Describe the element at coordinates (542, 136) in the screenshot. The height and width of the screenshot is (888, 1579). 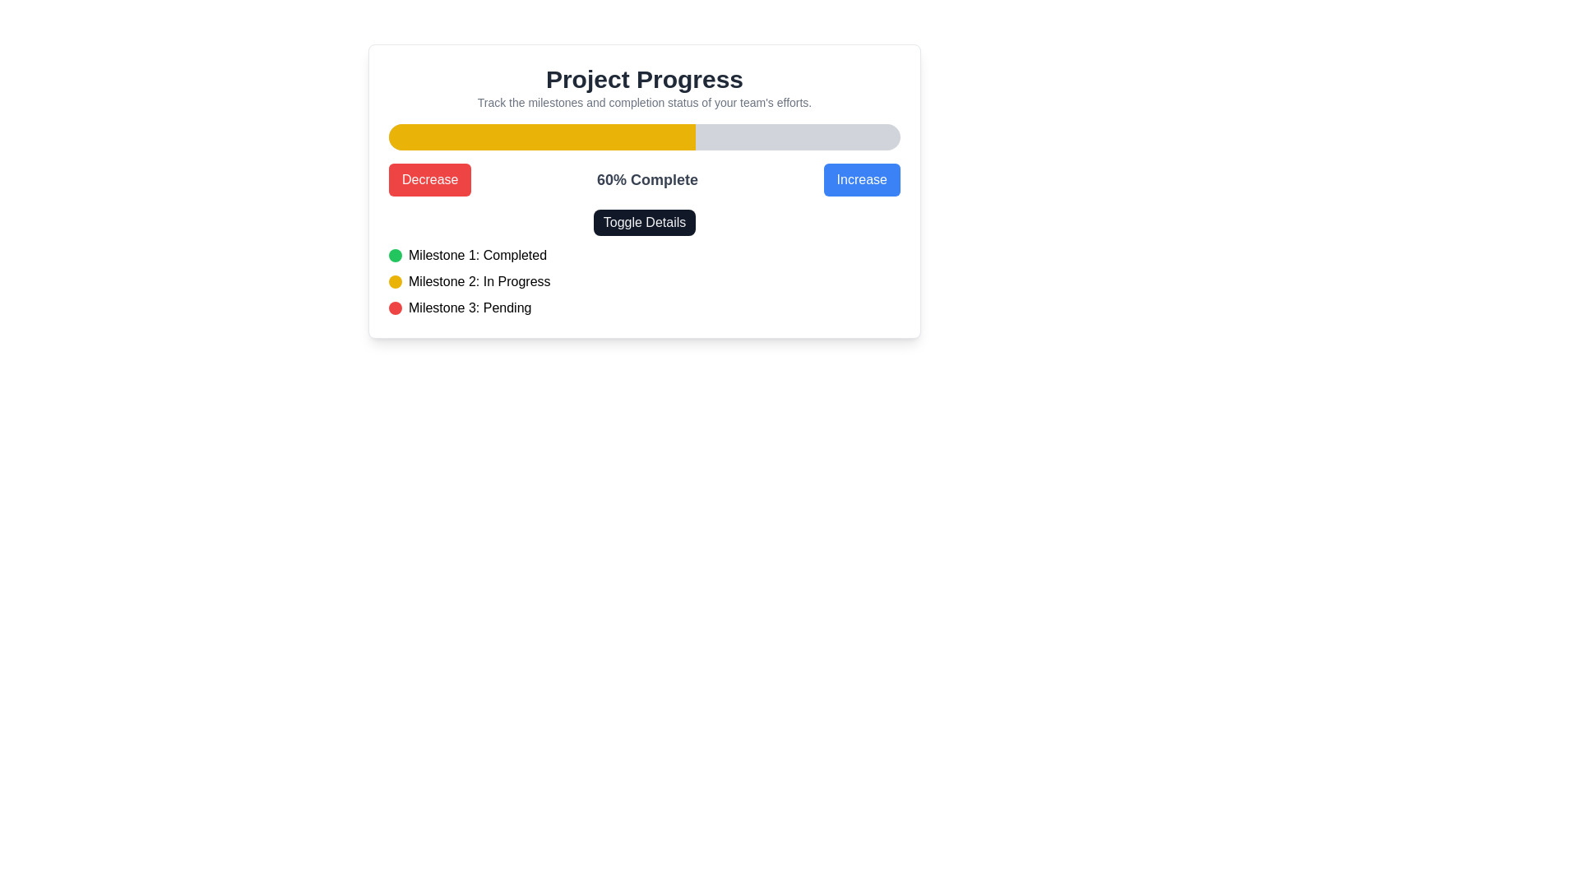
I see `the progress bar segment that visually represents the current progress percentage, indicating task or project completion level` at that location.